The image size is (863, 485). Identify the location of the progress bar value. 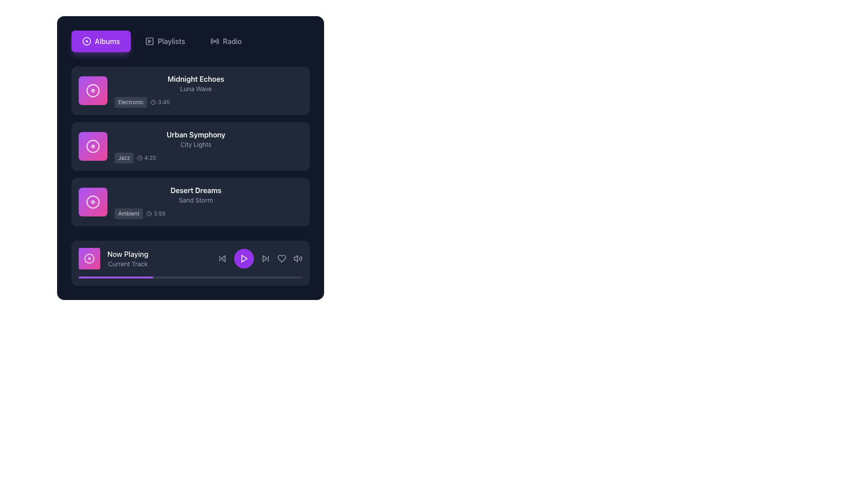
(126, 277).